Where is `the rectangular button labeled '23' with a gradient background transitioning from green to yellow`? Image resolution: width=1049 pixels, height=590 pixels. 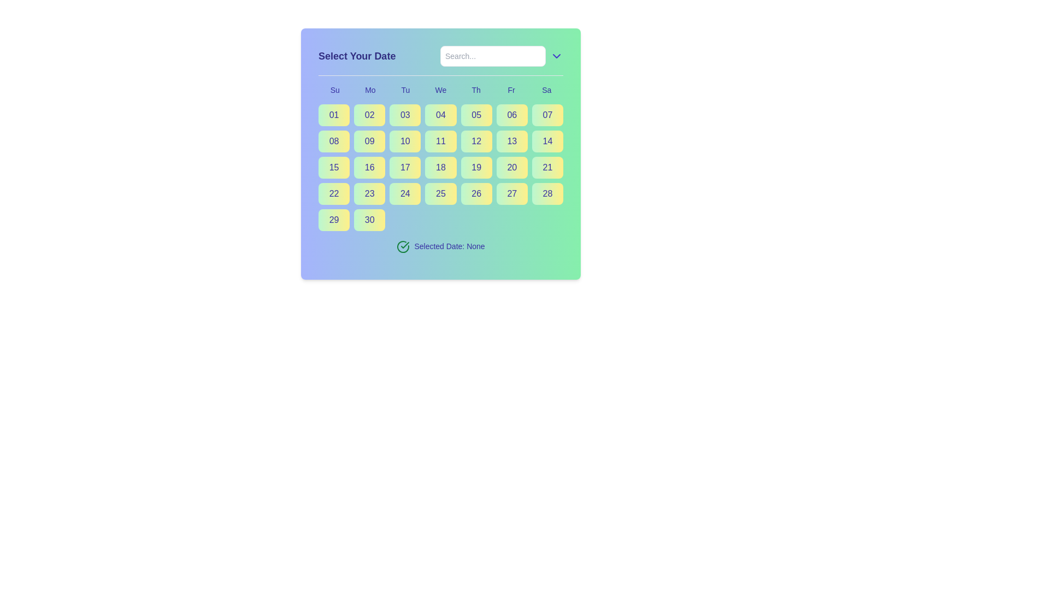
the rectangular button labeled '23' with a gradient background transitioning from green to yellow is located at coordinates (369, 193).